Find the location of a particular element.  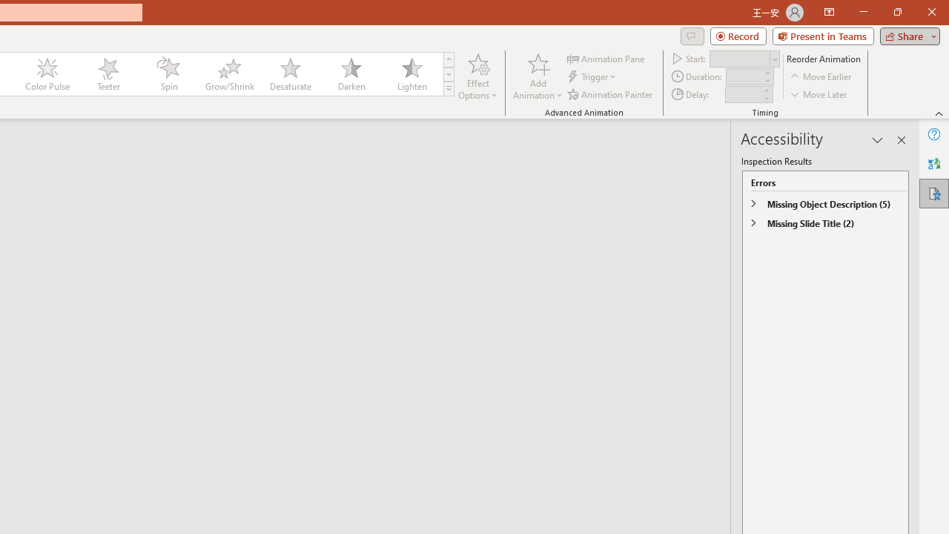

'Lighten' is located at coordinates (411, 74).